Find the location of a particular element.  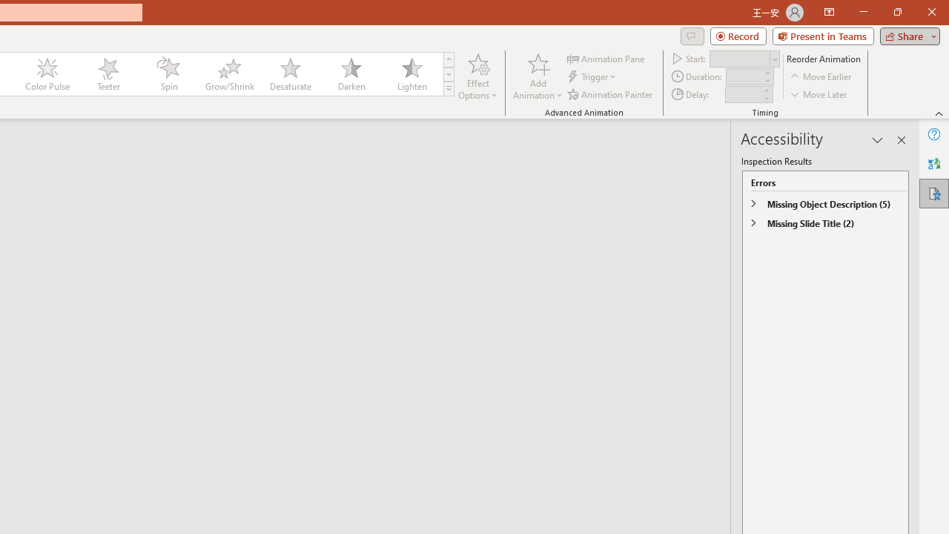

'Lighten' is located at coordinates (411, 74).